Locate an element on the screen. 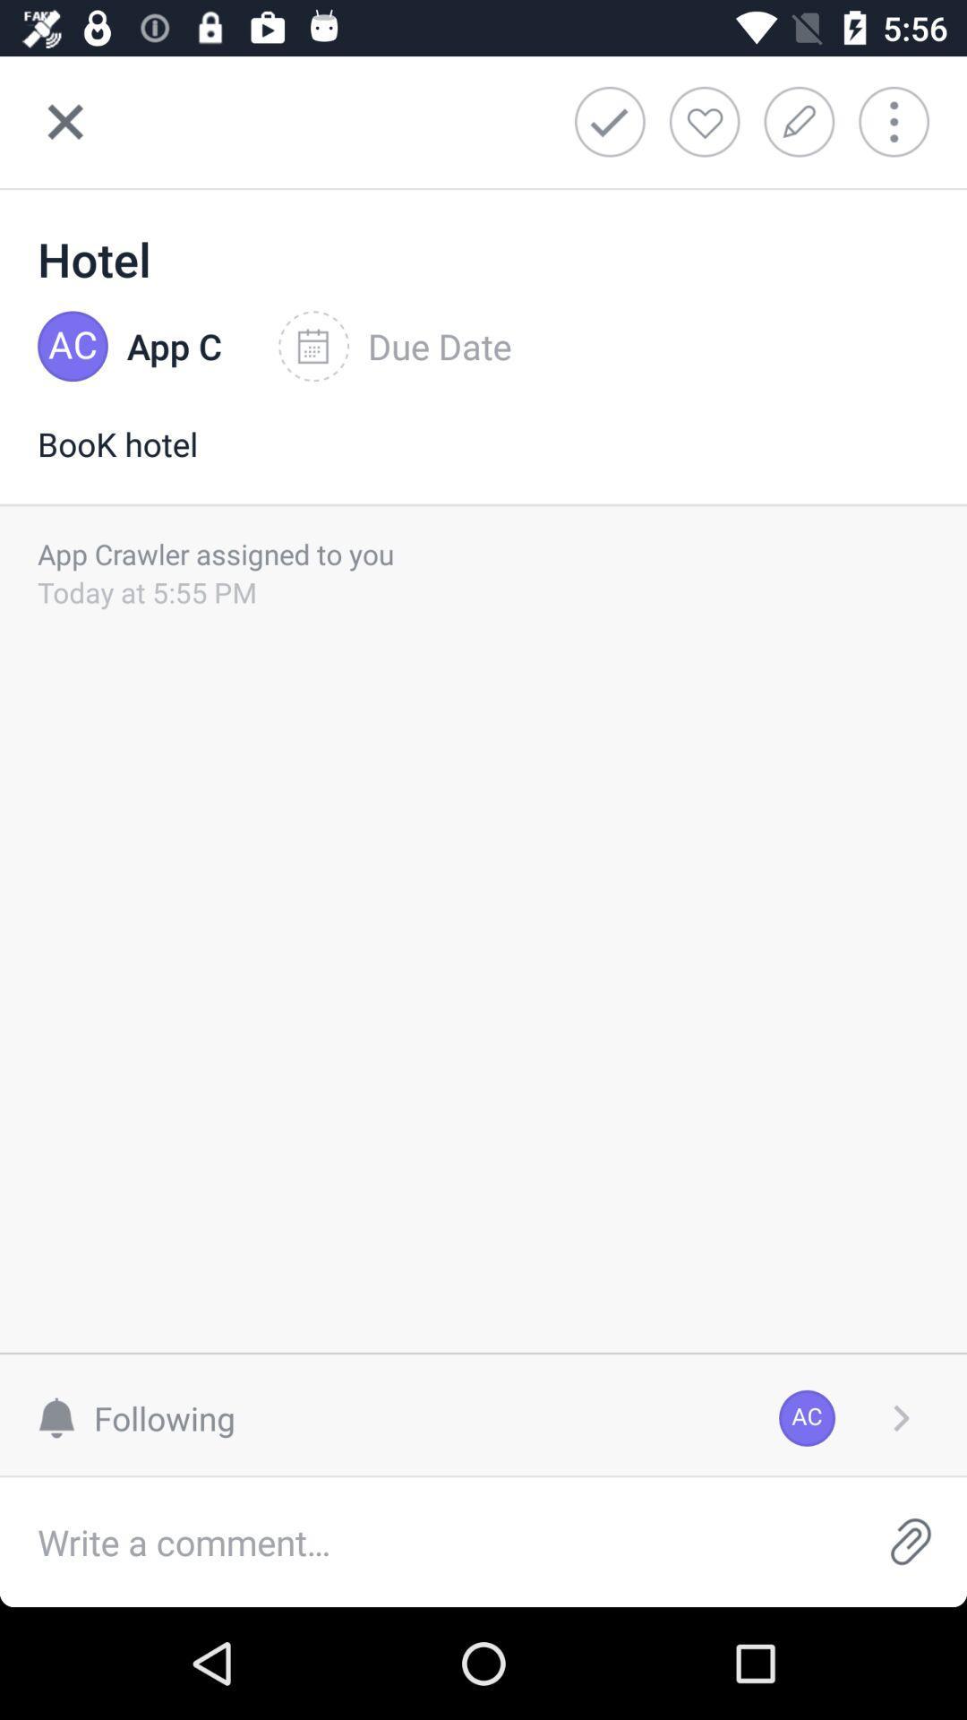  the icon next to app c item is located at coordinates (394, 347).